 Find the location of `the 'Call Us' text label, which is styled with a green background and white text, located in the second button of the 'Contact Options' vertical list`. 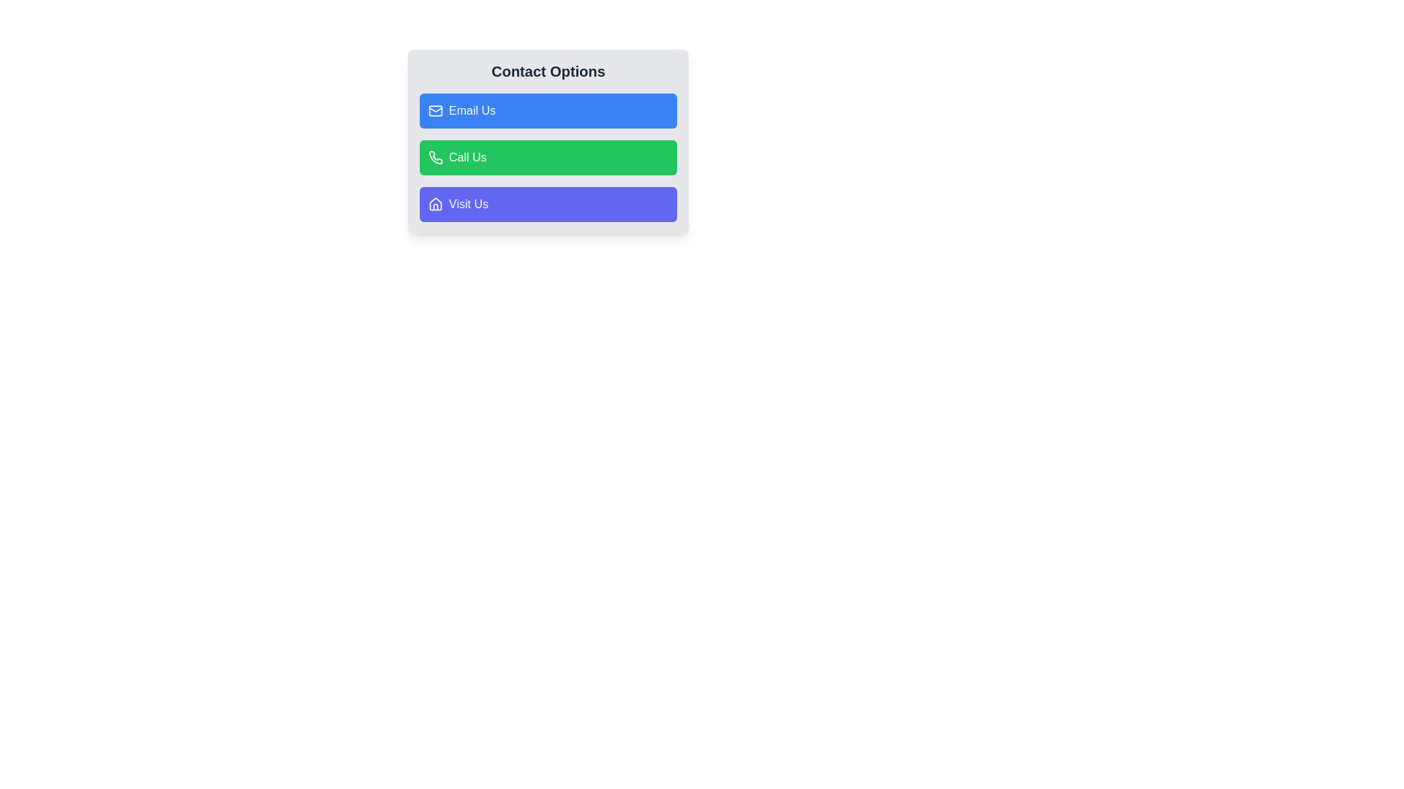

the 'Call Us' text label, which is styled with a green background and white text, located in the second button of the 'Contact Options' vertical list is located at coordinates (467, 158).